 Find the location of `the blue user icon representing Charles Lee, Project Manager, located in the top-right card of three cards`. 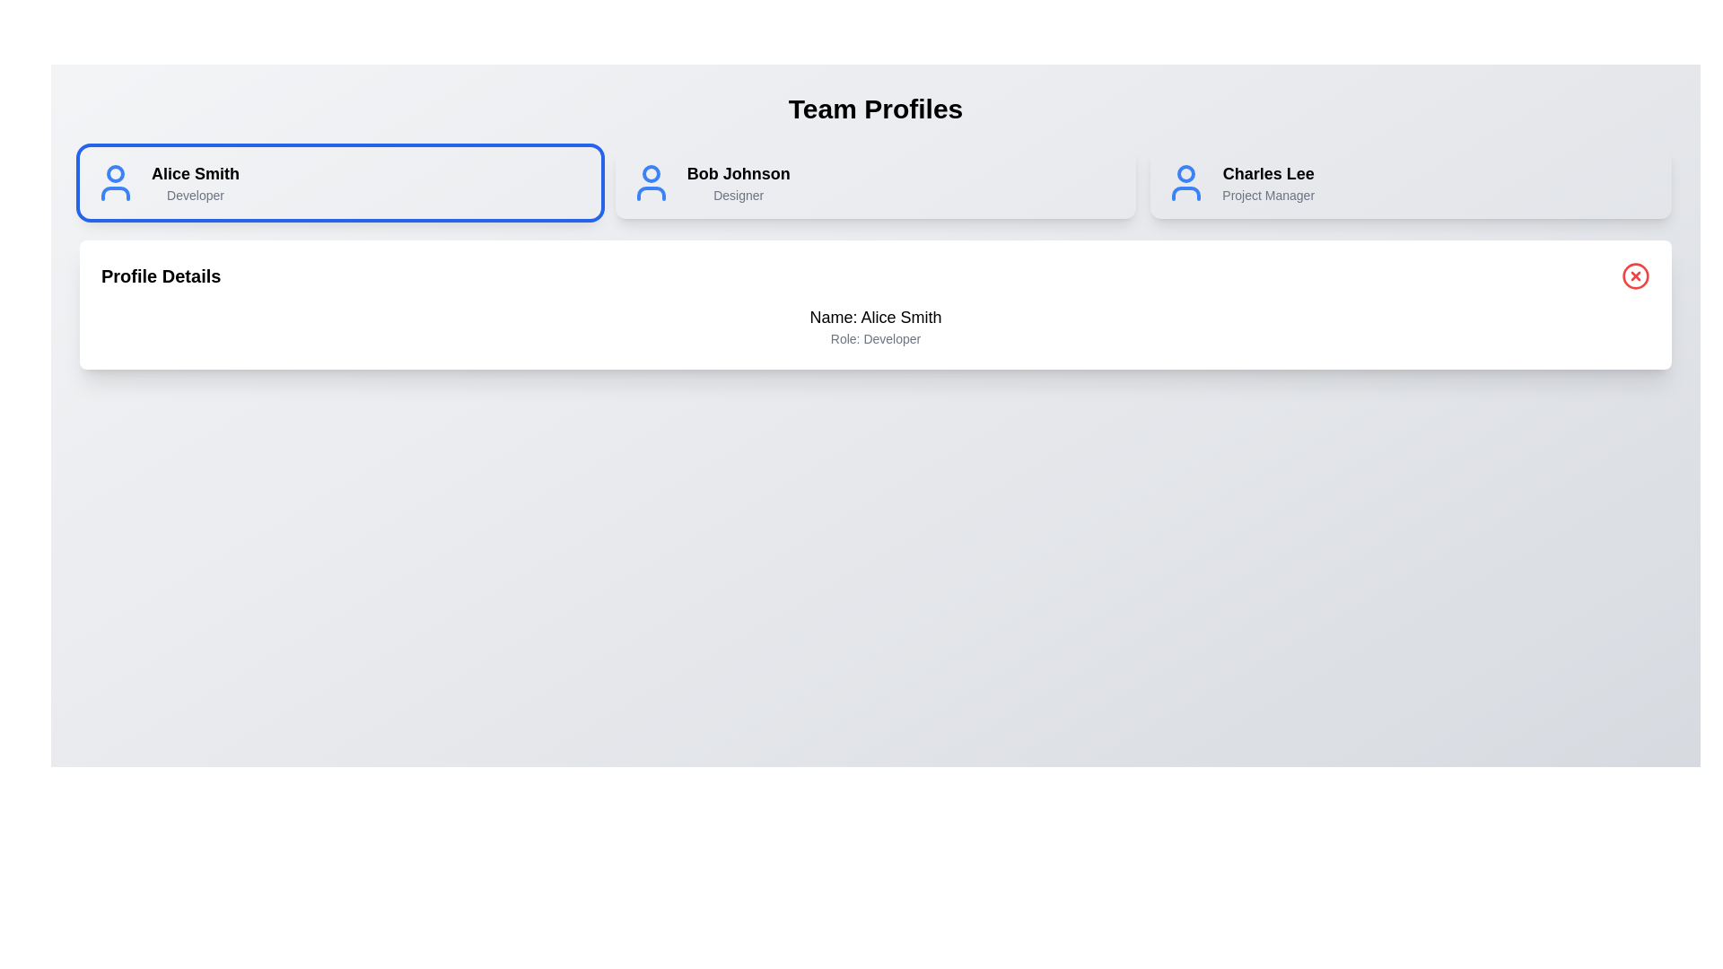

the blue user icon representing Charles Lee, Project Manager, located in the top-right card of three cards is located at coordinates (1186, 183).